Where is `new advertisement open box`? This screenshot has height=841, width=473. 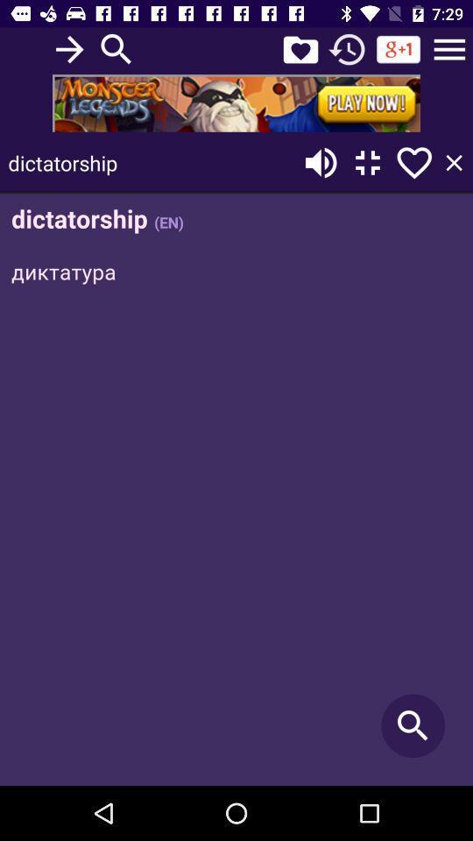 new advertisement open box is located at coordinates (236, 102).